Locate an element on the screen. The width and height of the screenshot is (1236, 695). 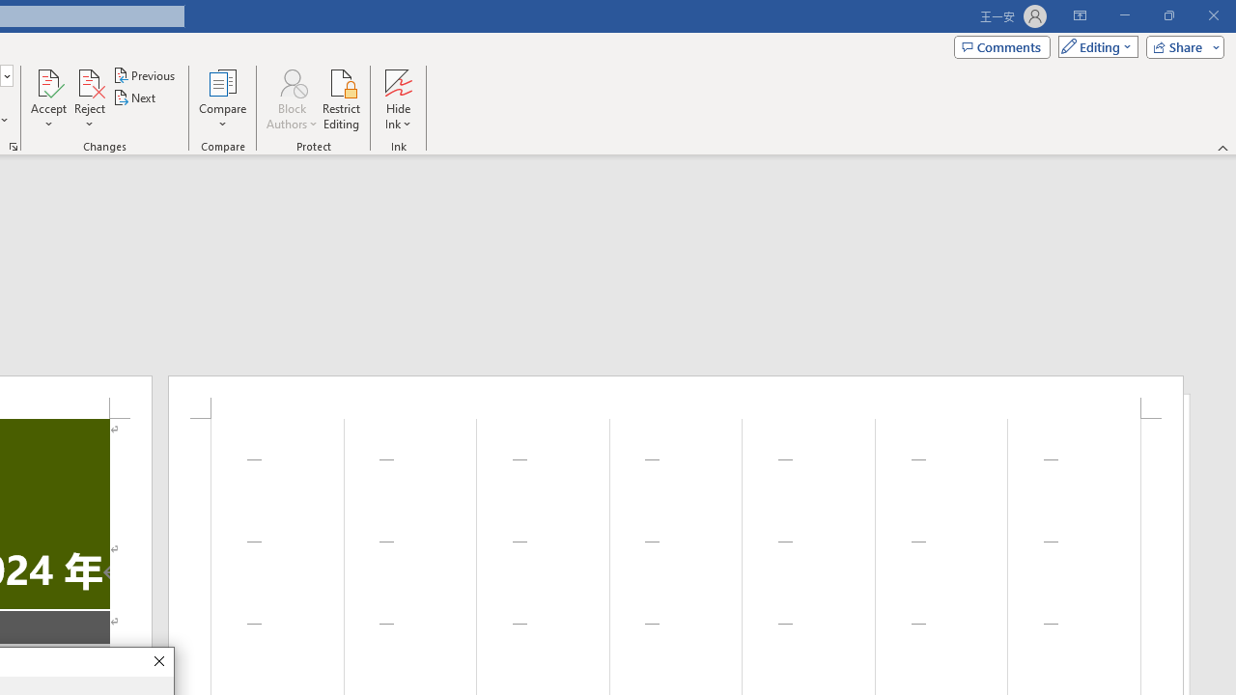
'Compare' is located at coordinates (223, 99).